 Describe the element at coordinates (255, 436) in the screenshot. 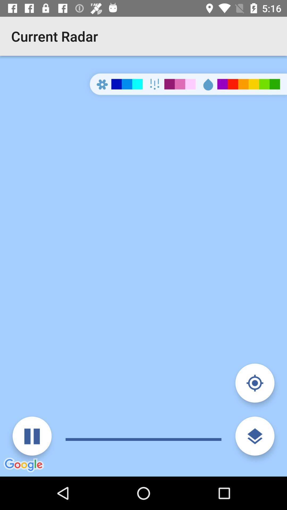

I see `the layers icon` at that location.